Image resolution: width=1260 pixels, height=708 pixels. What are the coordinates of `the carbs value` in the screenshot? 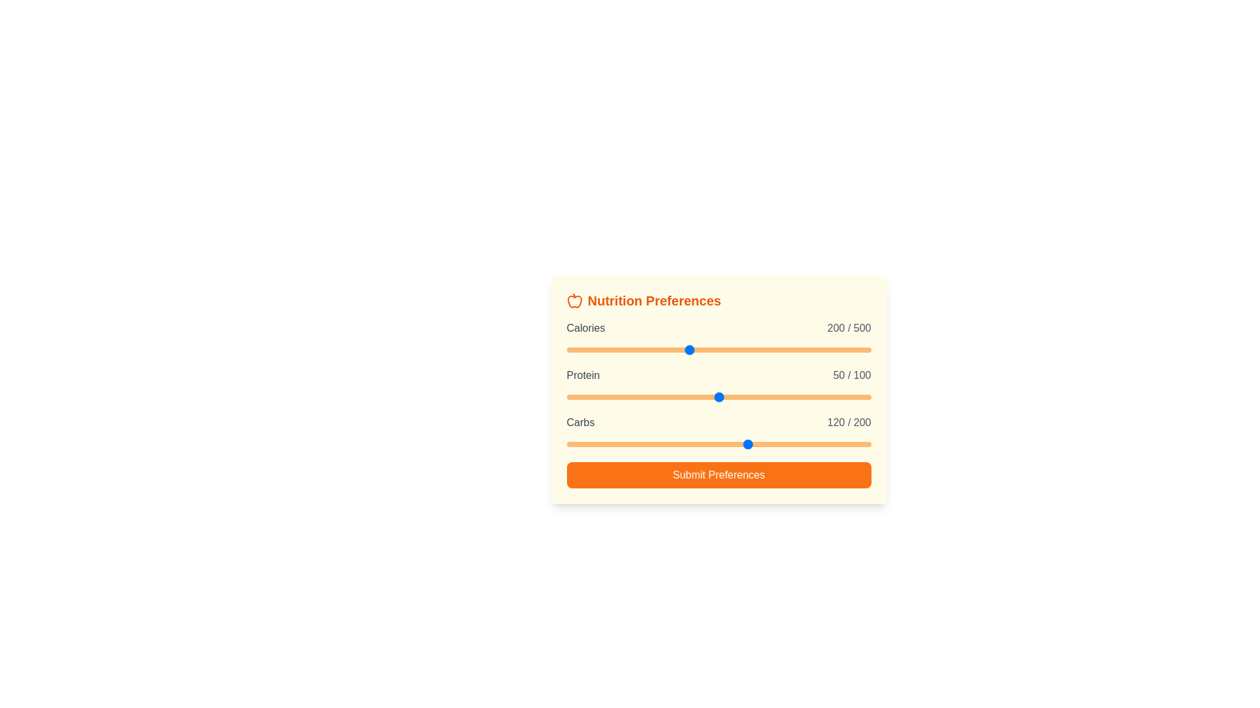 It's located at (772, 444).